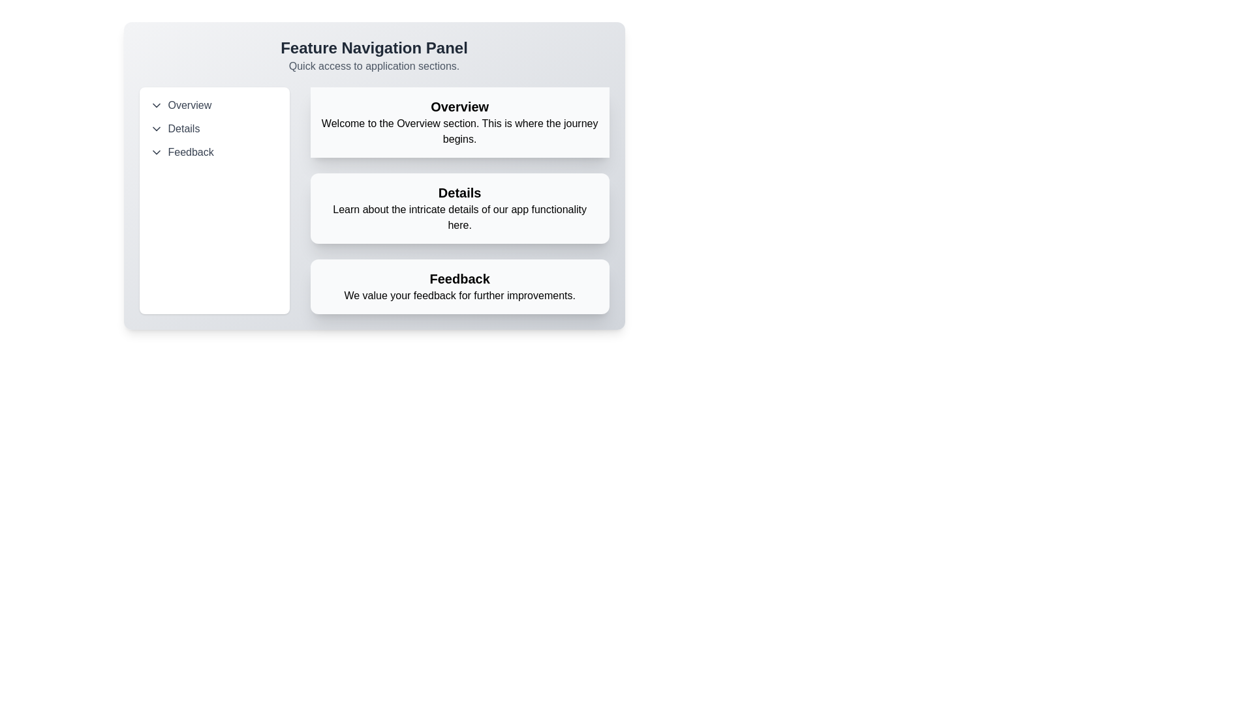  Describe the element at coordinates (214, 128) in the screenshot. I see `the 'Details' item in the Vertical Navigation Menu with Expandable Items` at that location.